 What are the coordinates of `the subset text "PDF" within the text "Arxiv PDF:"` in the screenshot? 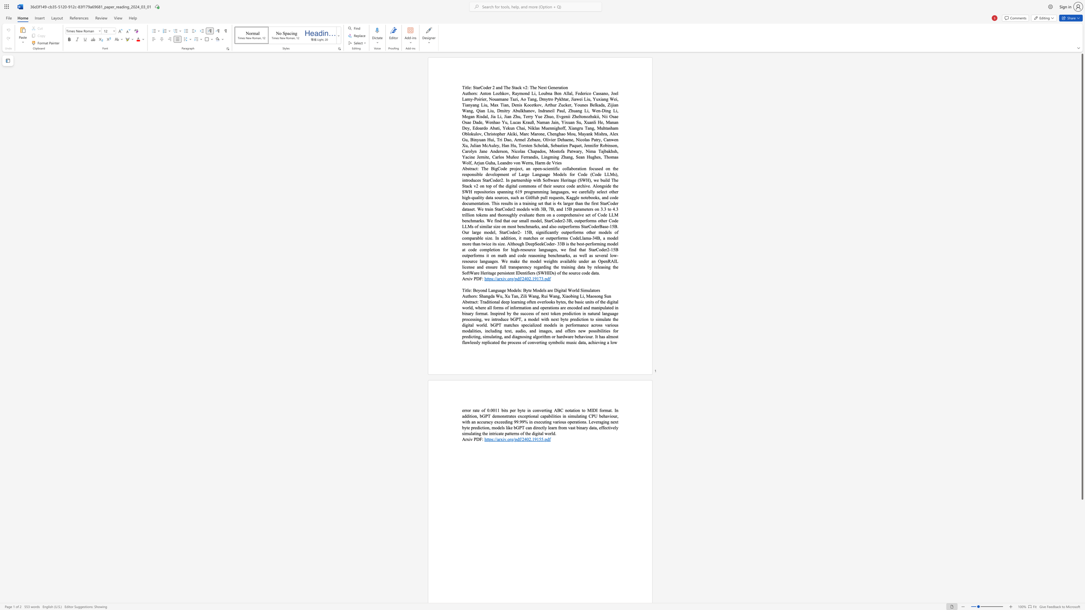 It's located at (473, 439).